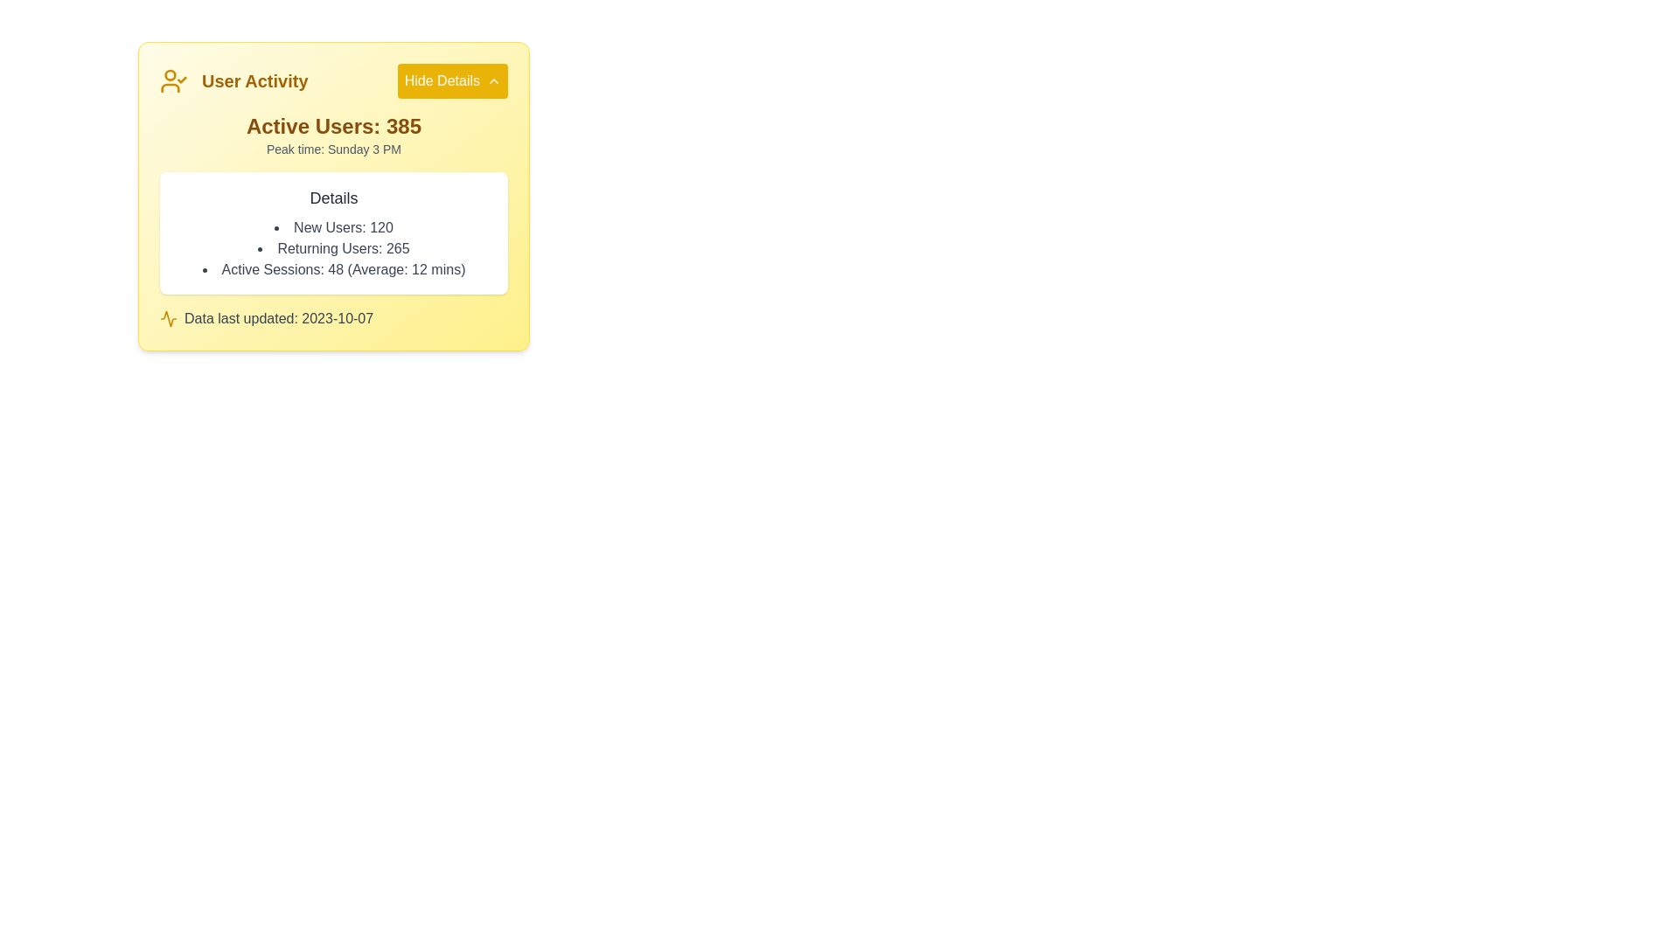 This screenshot has height=944, width=1679. I want to click on the text element displaying 'Returning Users: 265' in dark gray font, located under the 'Details' heading as the second item in the bullet-point list, so click(334, 249).